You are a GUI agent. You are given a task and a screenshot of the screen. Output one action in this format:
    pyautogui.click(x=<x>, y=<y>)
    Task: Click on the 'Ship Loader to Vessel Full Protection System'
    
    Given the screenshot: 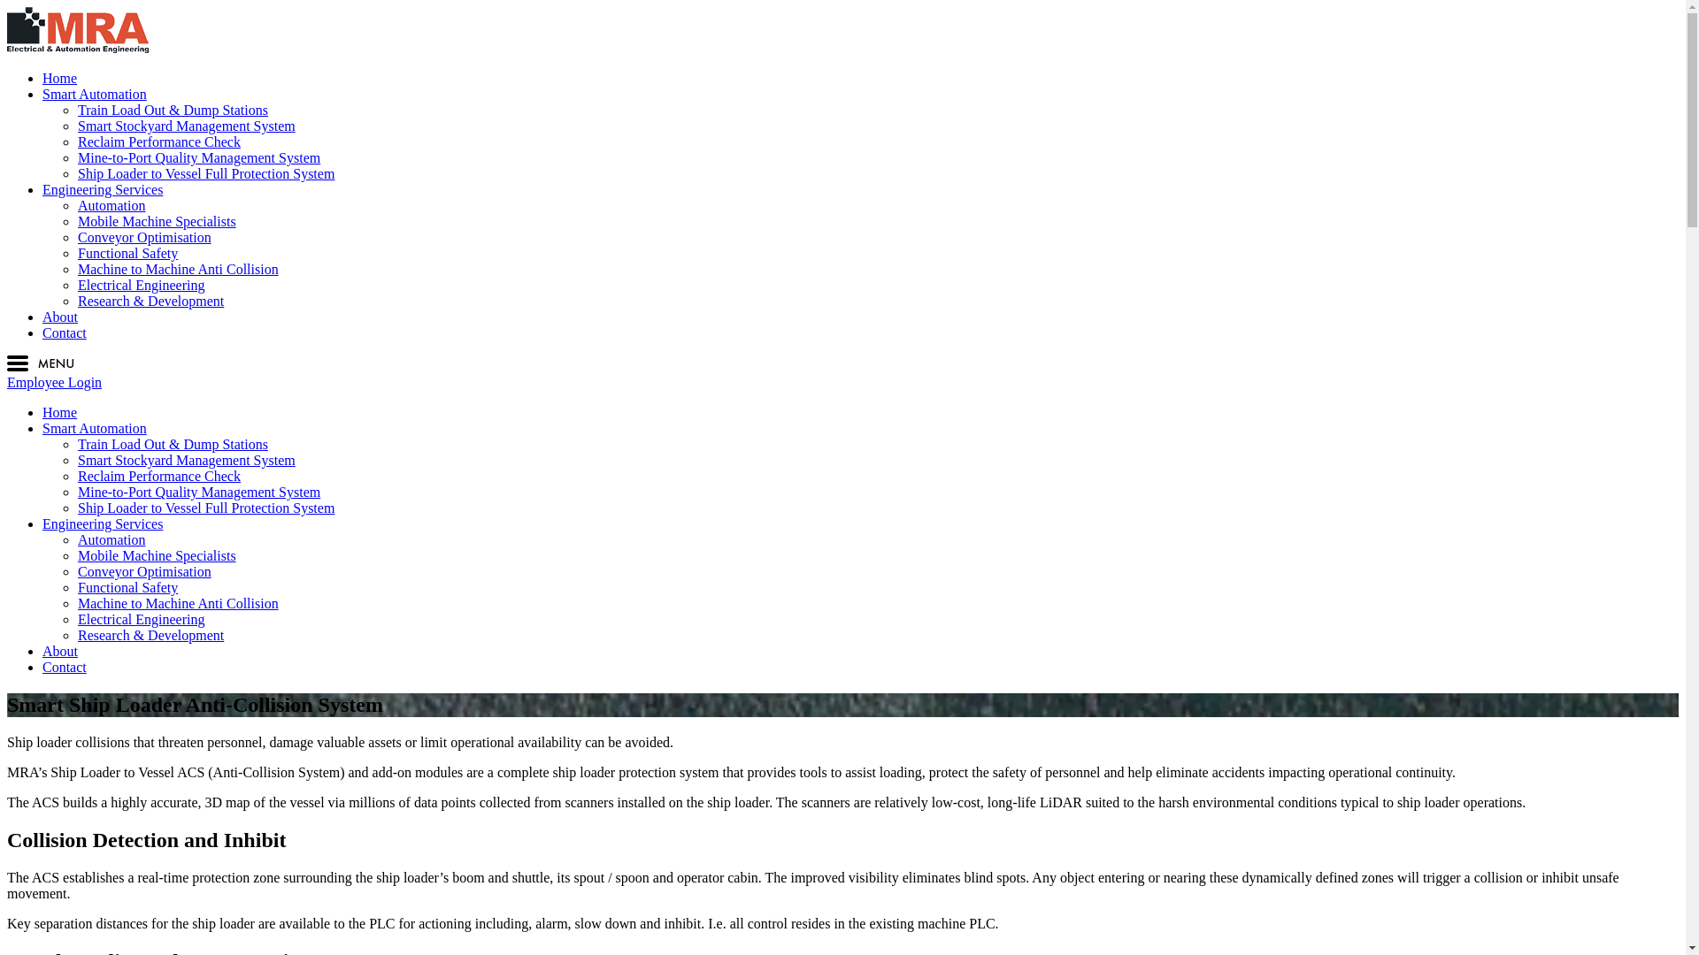 What is the action you would take?
    pyautogui.click(x=206, y=508)
    